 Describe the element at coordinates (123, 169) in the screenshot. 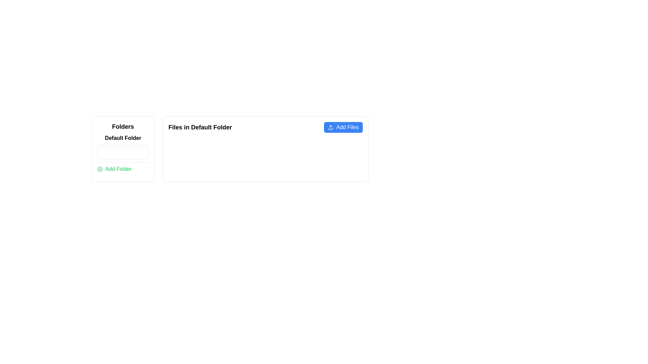

I see `the 'Add Folder' button, which displays the text in green and includes a circular green plus icon to trigger tooltips` at that location.